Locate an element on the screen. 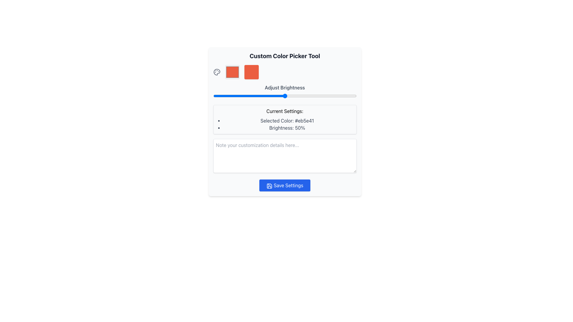  the header text element labeled 'Custom Color Picker Tool', which is a bold and large title centered at the top of its section is located at coordinates (284, 56).